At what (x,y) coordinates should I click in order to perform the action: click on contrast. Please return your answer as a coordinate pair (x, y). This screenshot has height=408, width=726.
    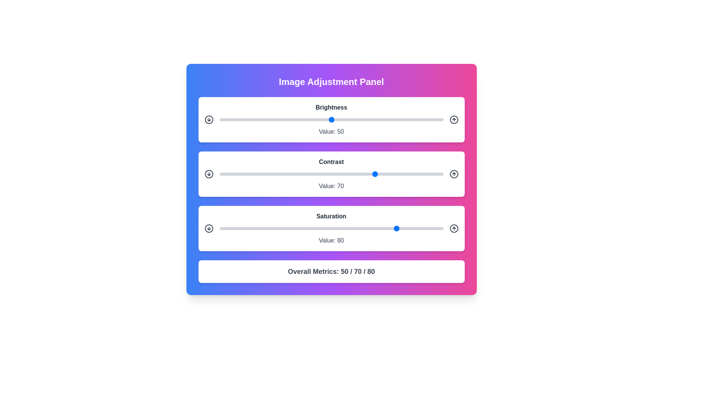
    Looking at the image, I should click on (230, 174).